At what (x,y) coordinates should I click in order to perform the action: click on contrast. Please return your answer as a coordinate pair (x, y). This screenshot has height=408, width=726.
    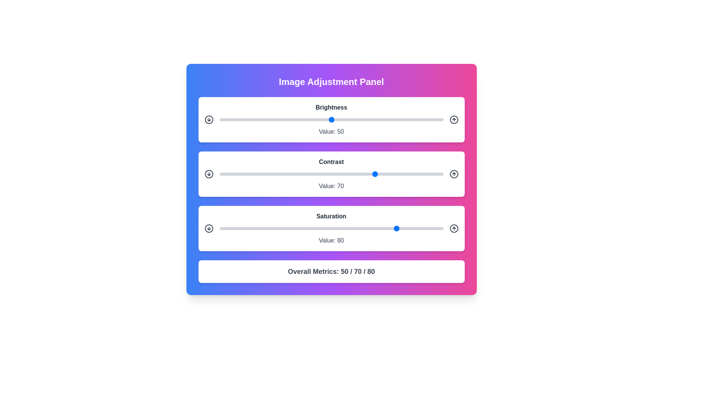
    Looking at the image, I should click on (230, 174).